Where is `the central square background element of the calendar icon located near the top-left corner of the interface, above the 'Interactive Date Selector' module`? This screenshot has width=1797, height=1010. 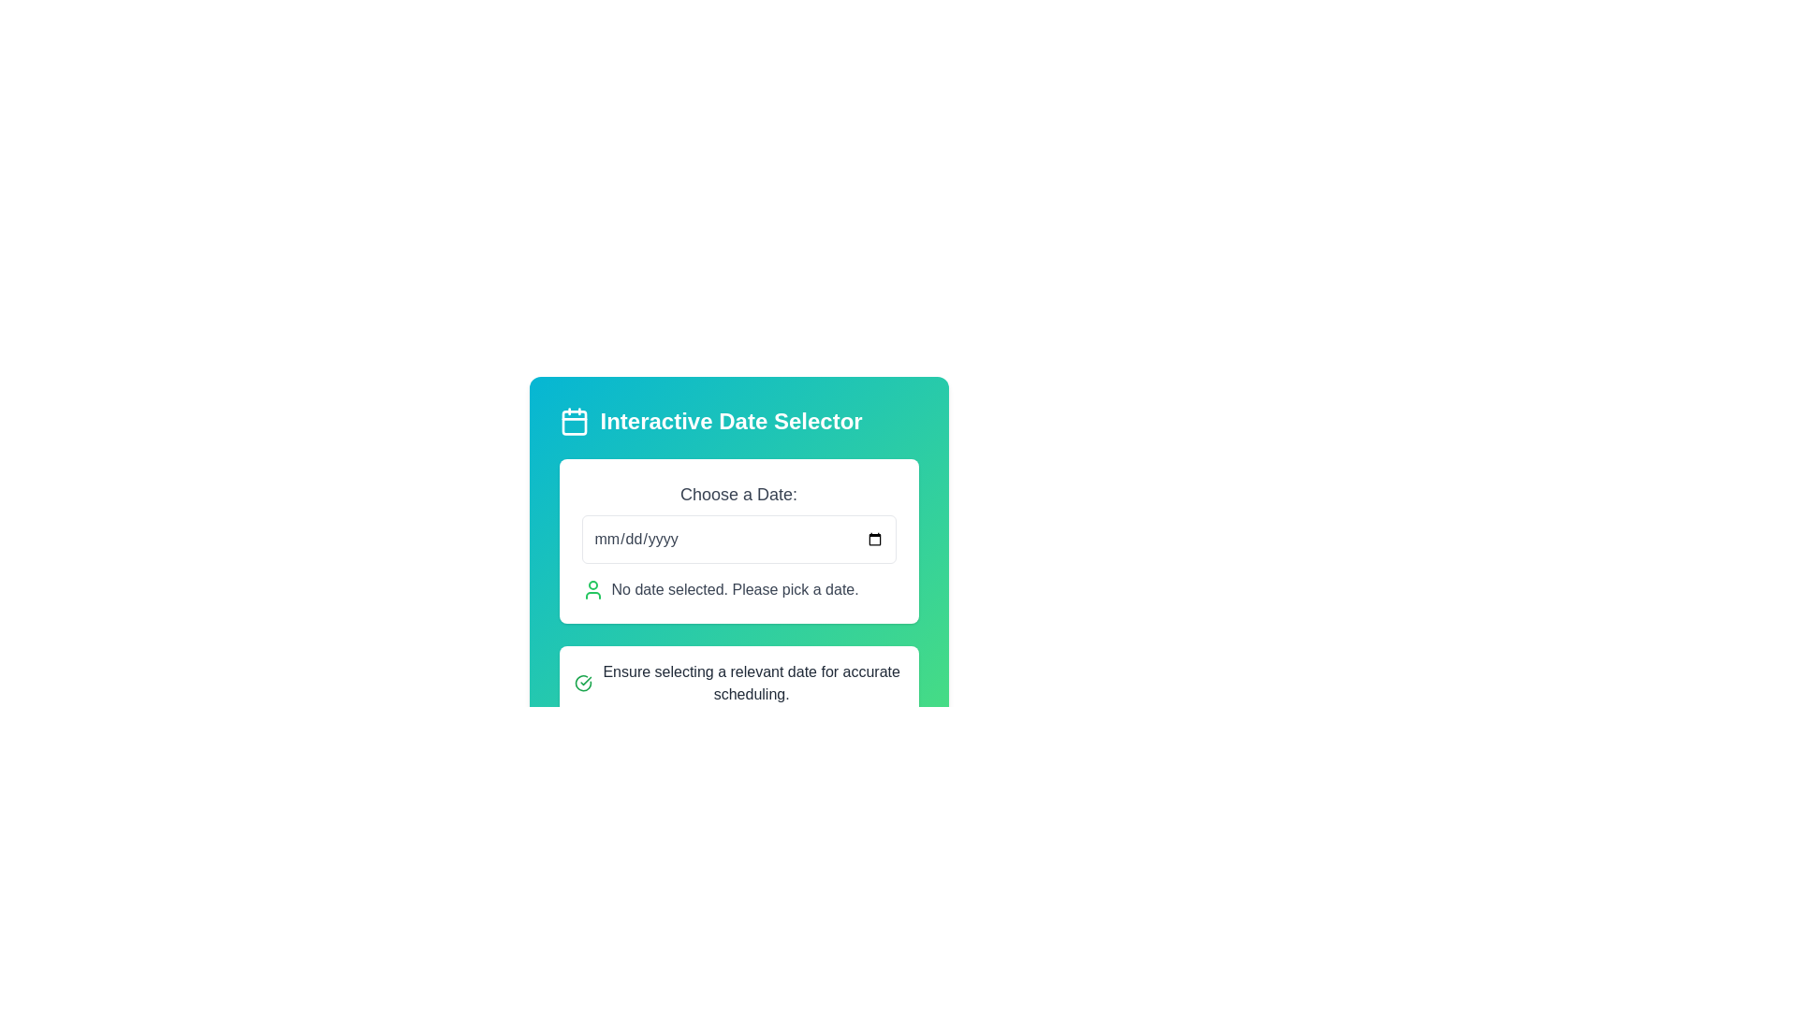
the central square background element of the calendar icon located near the top-left corner of the interface, above the 'Interactive Date Selector' module is located at coordinates (573, 423).